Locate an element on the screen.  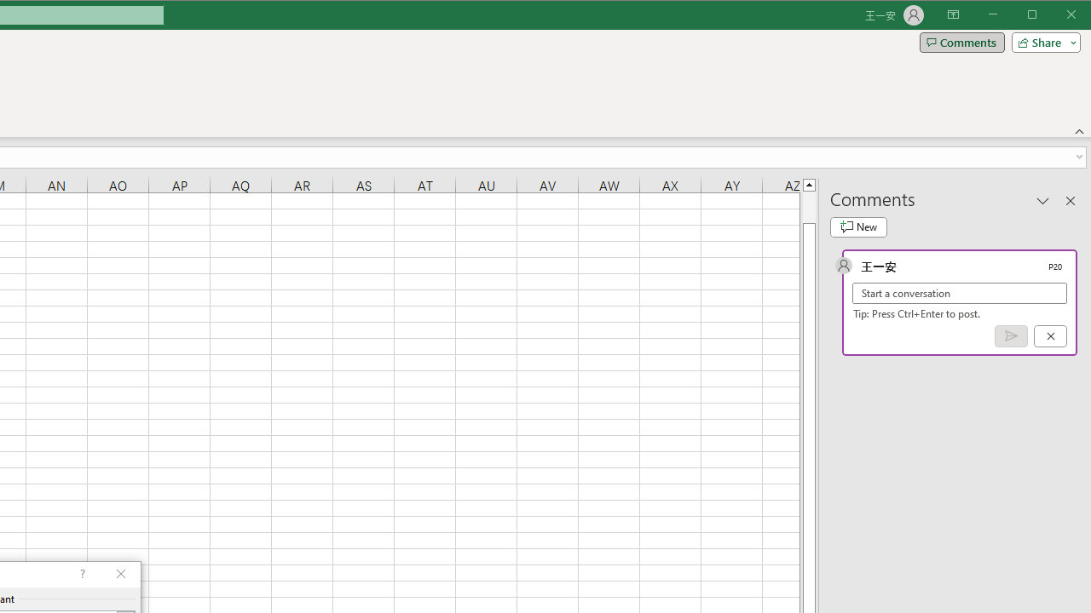
'Post comment (Ctrl + Enter)' is located at coordinates (1011, 336).